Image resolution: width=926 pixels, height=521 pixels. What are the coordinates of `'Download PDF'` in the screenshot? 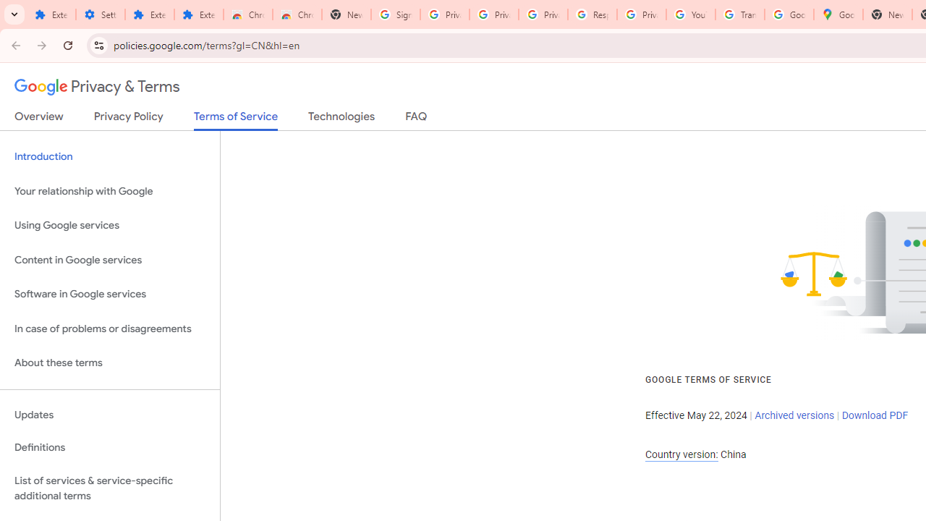 It's located at (874, 415).